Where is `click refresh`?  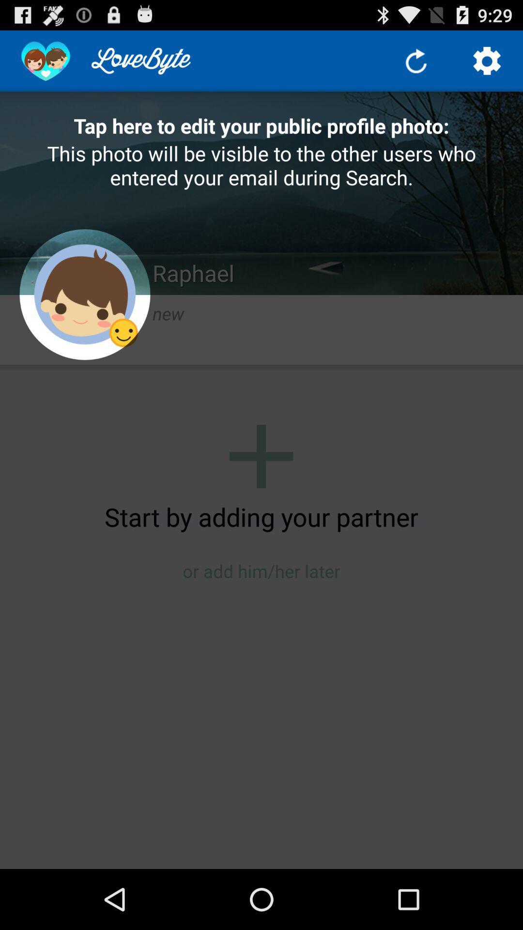 click refresh is located at coordinates (415, 60).